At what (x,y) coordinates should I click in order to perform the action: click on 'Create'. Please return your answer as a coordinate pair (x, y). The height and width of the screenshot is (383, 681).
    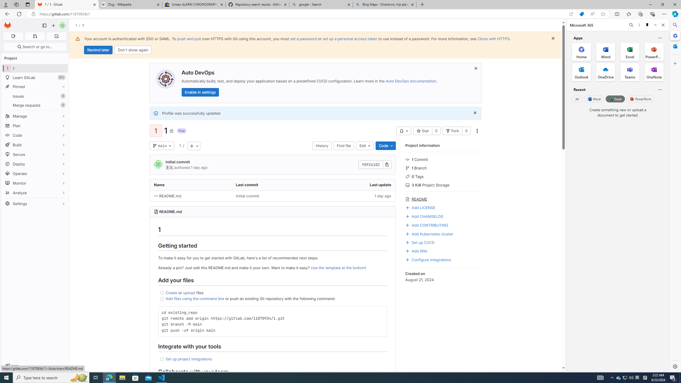
    Looking at the image, I should click on (171, 292).